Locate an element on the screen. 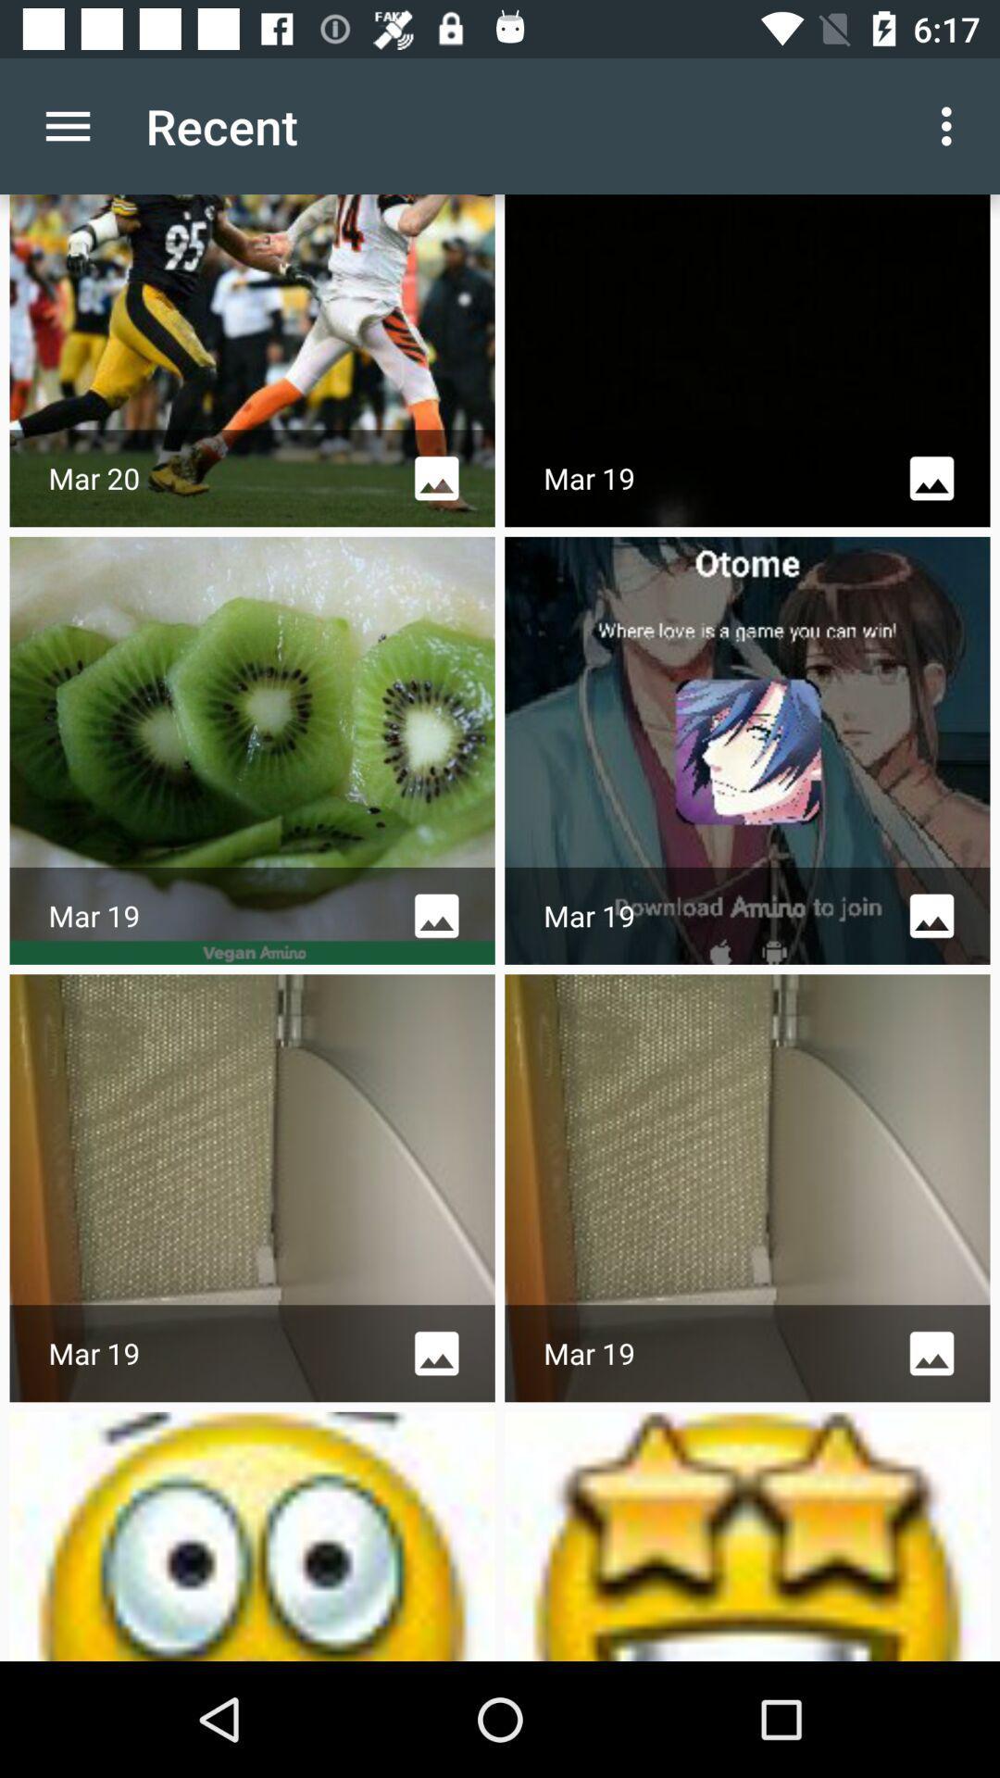 The width and height of the screenshot is (1000, 1778). the item to the left of recent icon is located at coordinates (67, 125).